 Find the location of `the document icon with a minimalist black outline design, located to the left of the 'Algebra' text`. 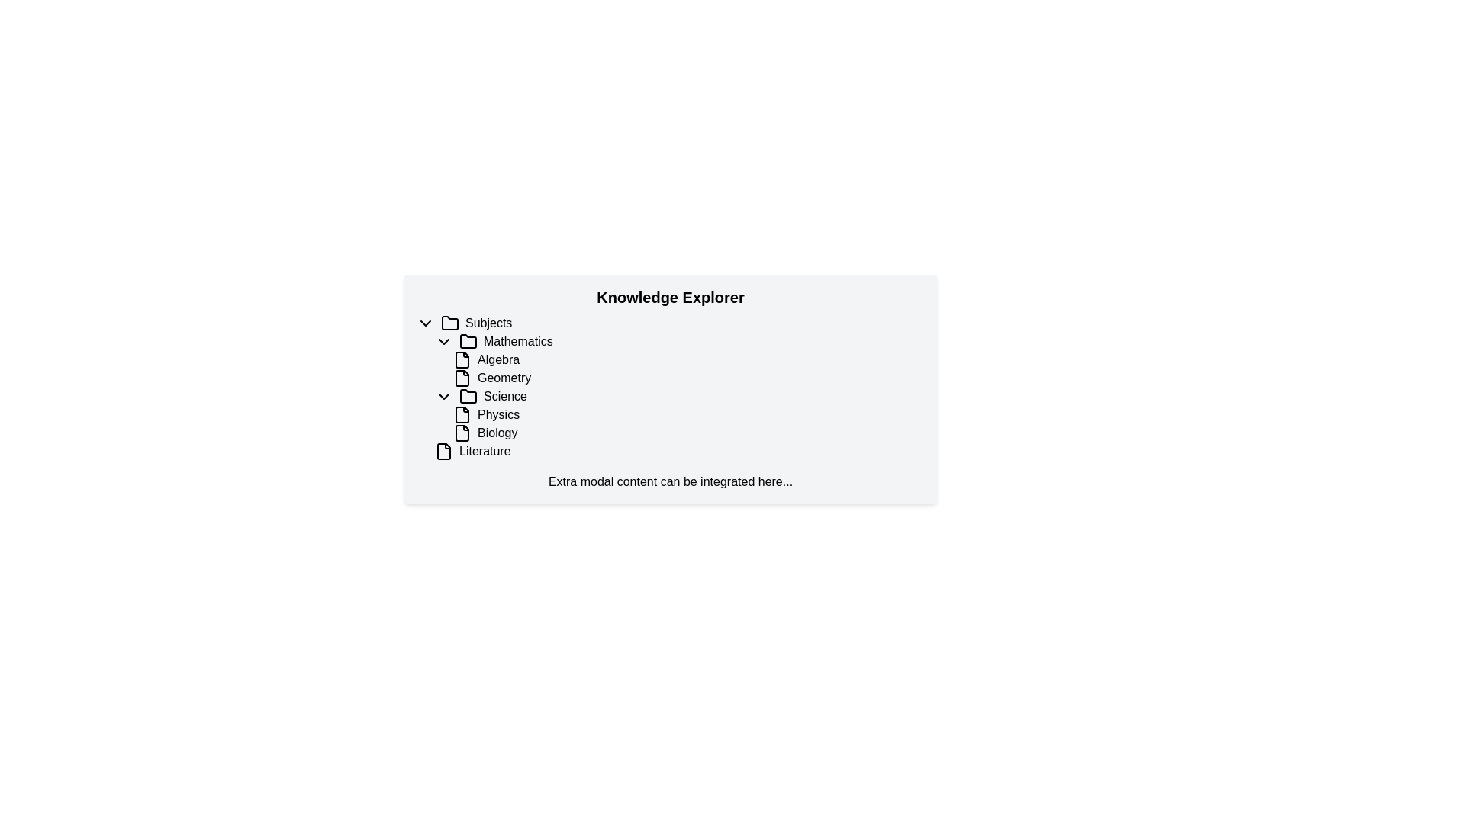

the document icon with a minimalist black outline design, located to the left of the 'Algebra' text is located at coordinates (461, 359).